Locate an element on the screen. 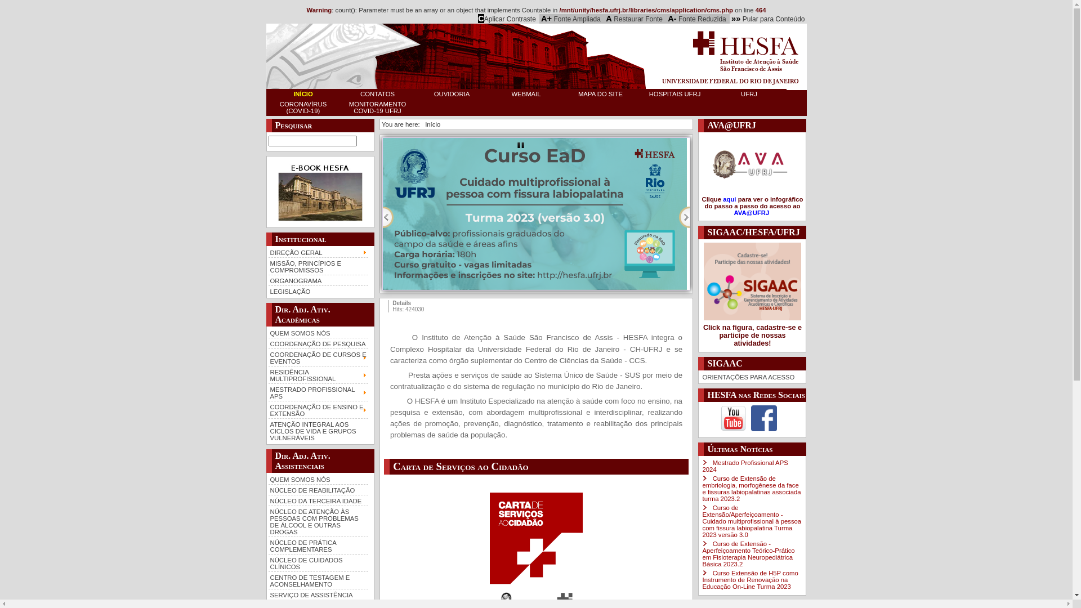 The height and width of the screenshot is (608, 1081). 'AVA@UFRJ ' is located at coordinates (733, 213).